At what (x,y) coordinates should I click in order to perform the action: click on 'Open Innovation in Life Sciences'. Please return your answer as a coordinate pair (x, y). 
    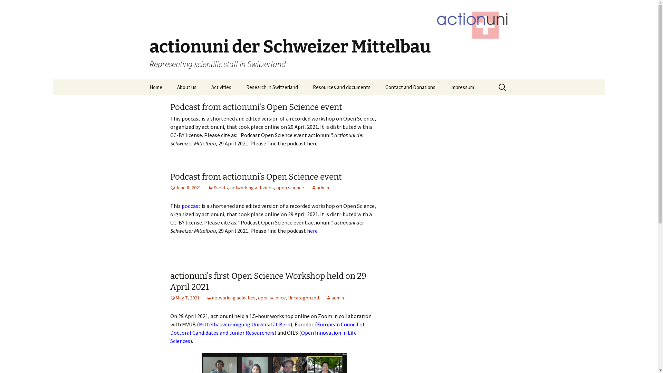
    Looking at the image, I should click on (263, 336).